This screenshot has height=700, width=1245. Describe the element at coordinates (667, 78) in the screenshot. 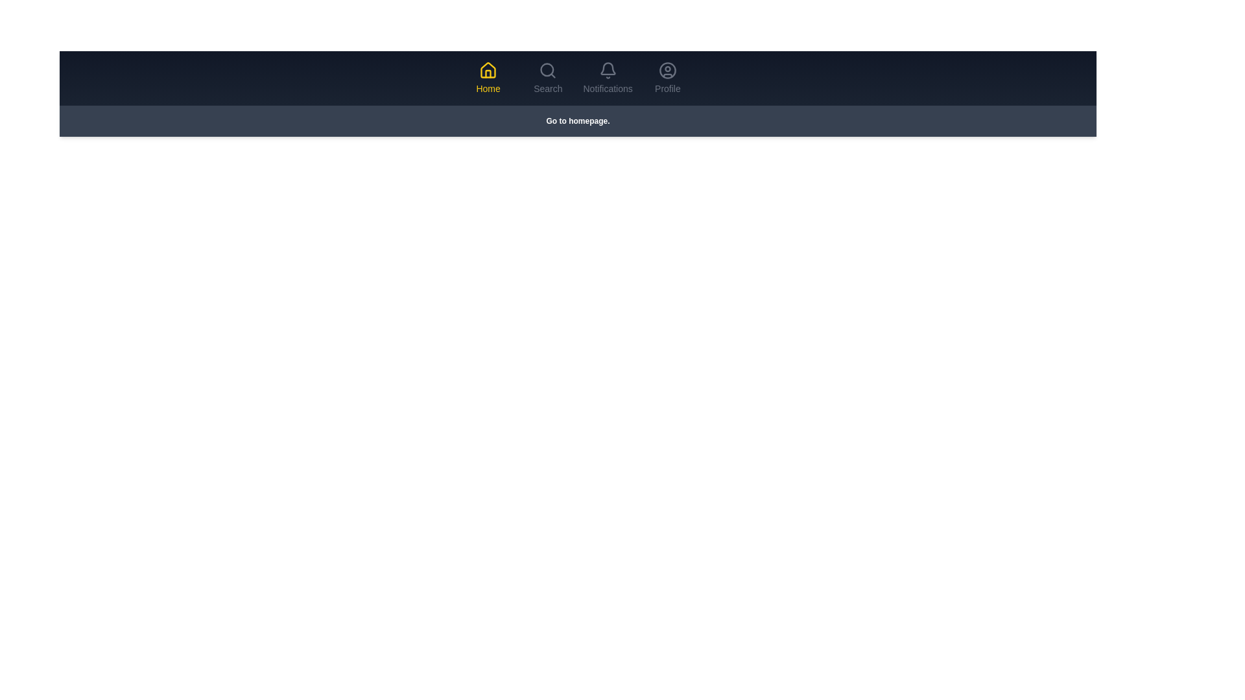

I see `the tab labeled Profile to preview its hover effect` at that location.